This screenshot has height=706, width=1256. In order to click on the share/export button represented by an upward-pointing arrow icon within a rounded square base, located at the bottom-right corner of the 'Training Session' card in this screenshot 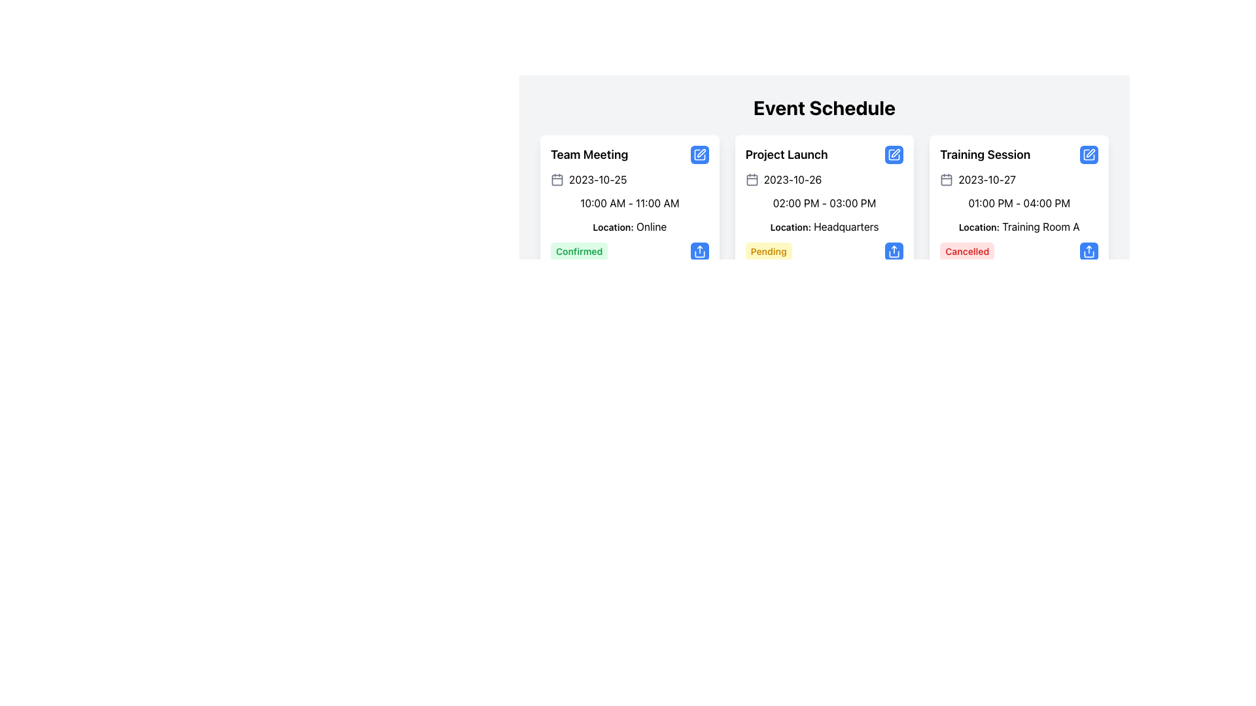, I will do `click(1089, 252)`.